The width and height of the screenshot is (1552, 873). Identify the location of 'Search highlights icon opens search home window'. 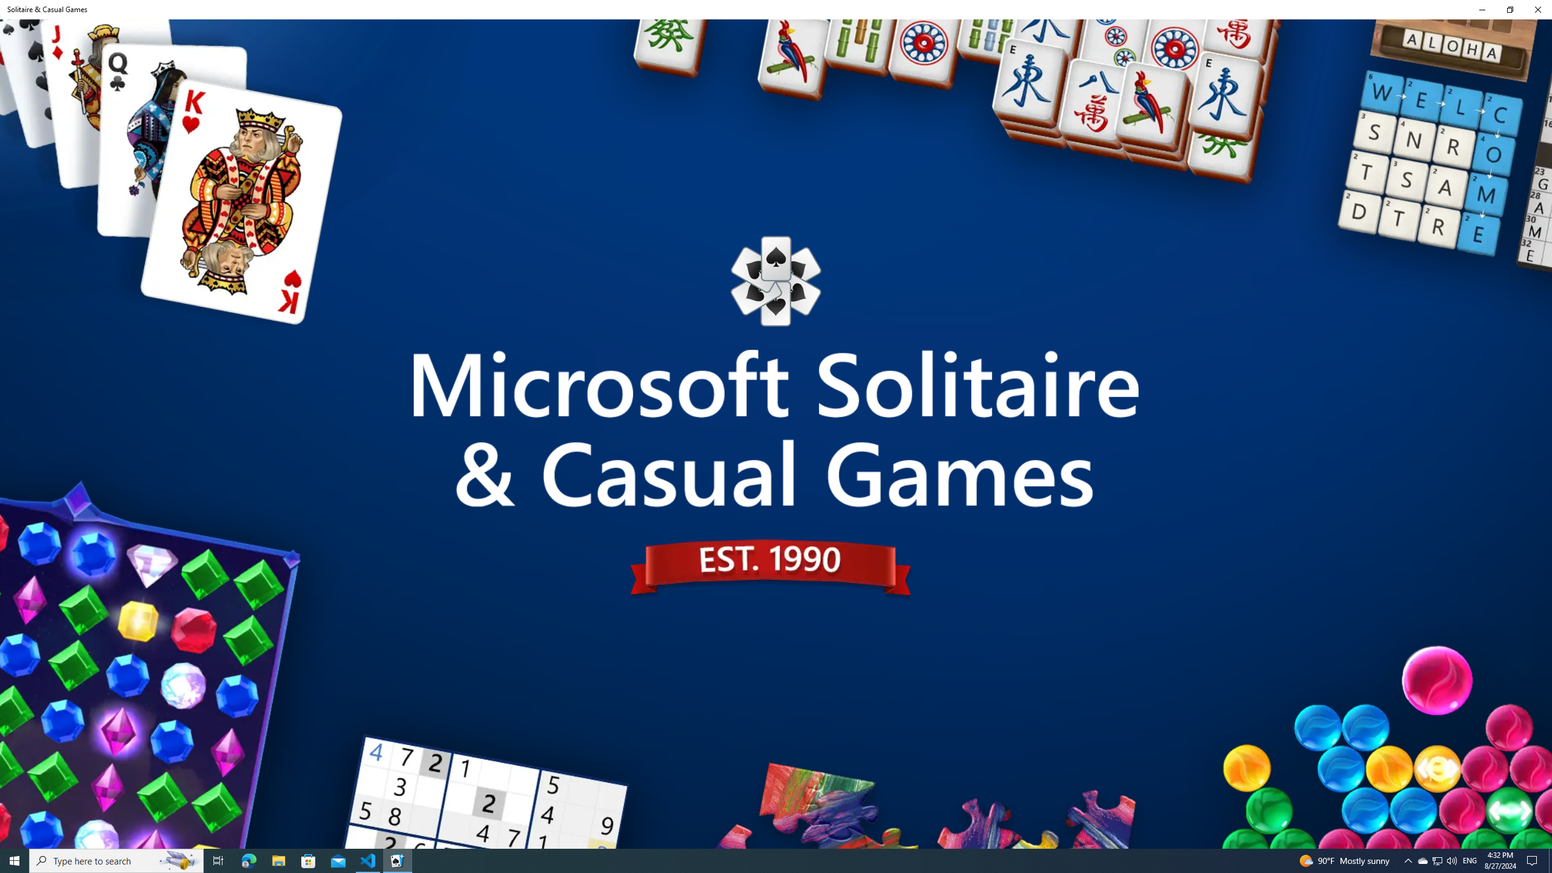
(178, 860).